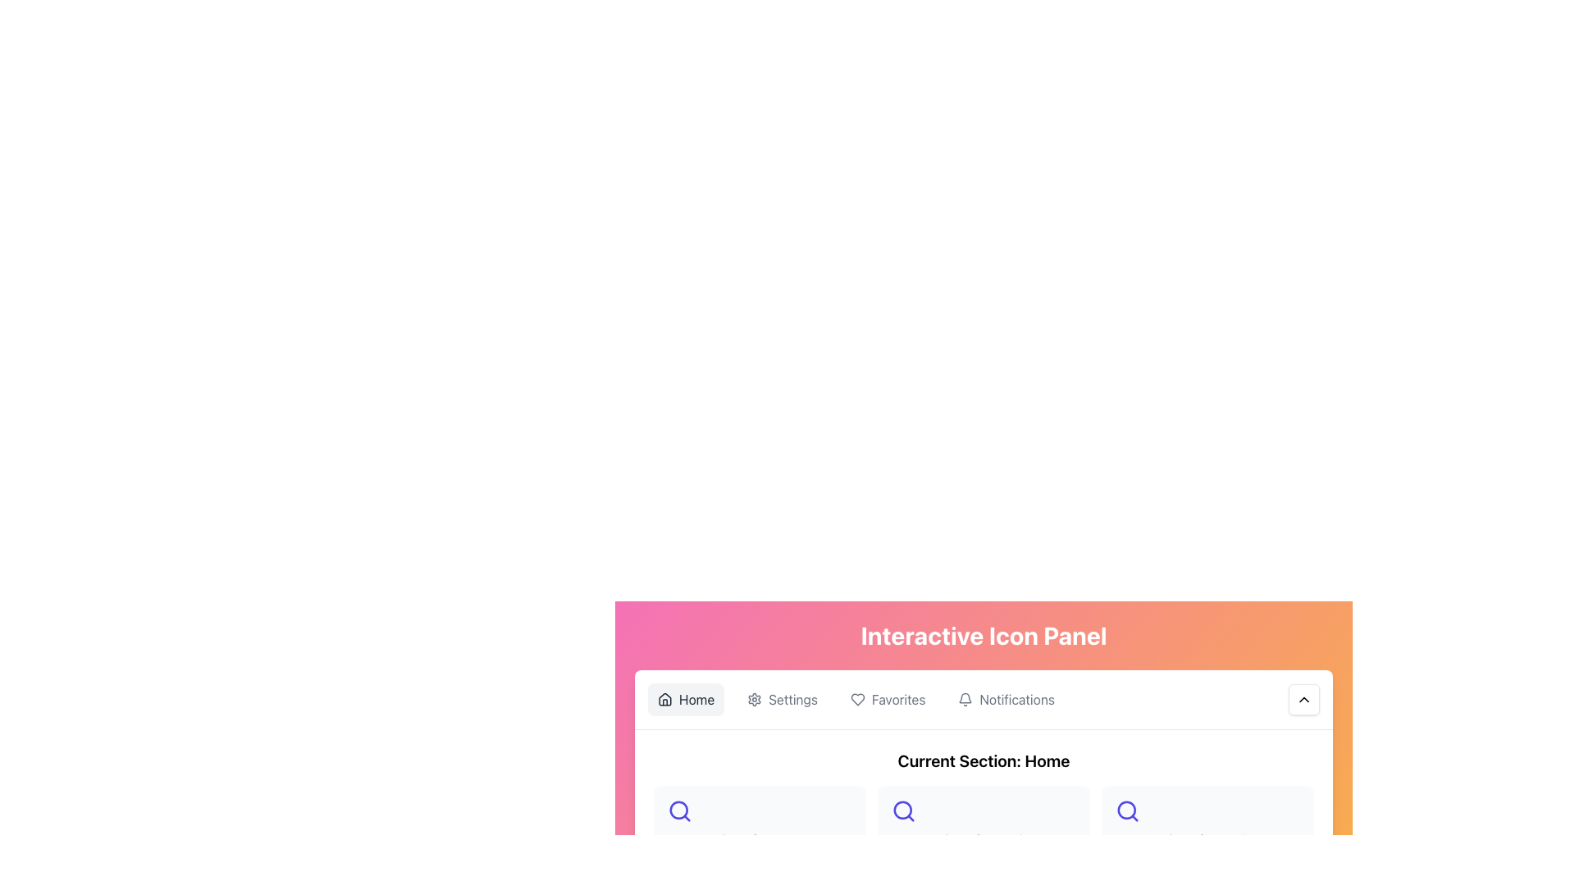 The width and height of the screenshot is (1575, 886). I want to click on the non-interactive Text label associated with the settings option in the navigation menu, located to the right of the gear icon, so click(793, 699).